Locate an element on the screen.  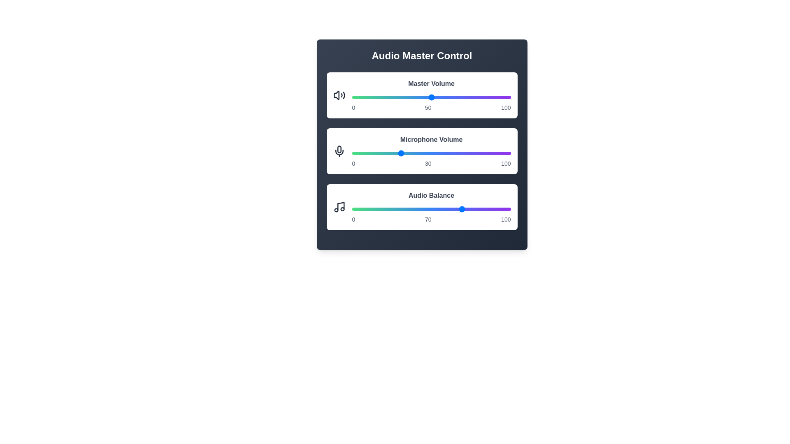
the Audio Balance slider to 96% is located at coordinates (504, 209).